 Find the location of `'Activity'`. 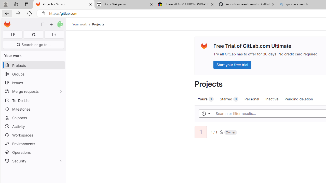

'Activity' is located at coordinates (33, 126).